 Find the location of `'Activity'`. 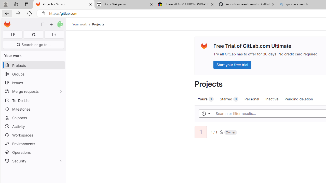

'Activity' is located at coordinates (33, 126).